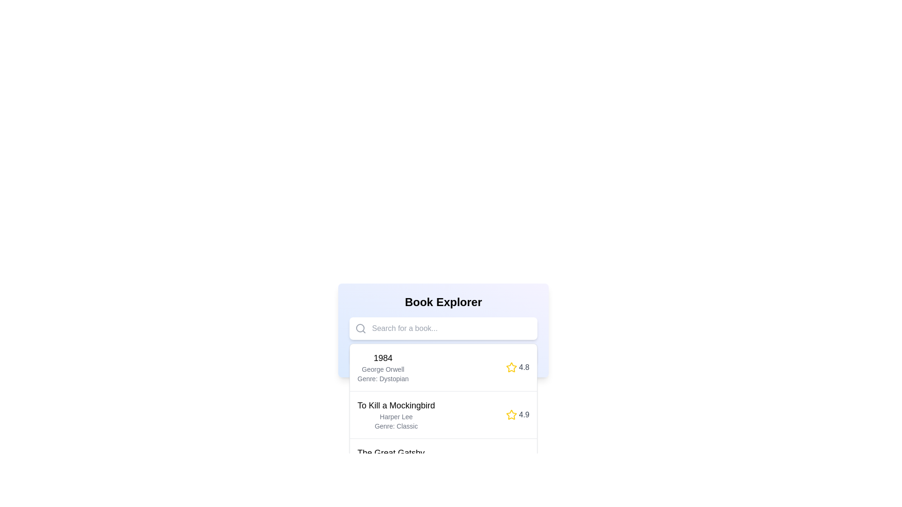 This screenshot has height=507, width=902. Describe the element at coordinates (391, 452) in the screenshot. I see `the text label displaying 'The Great Gatsby', which is prominently positioned at the left of the bottom-most book entry in the list` at that location.